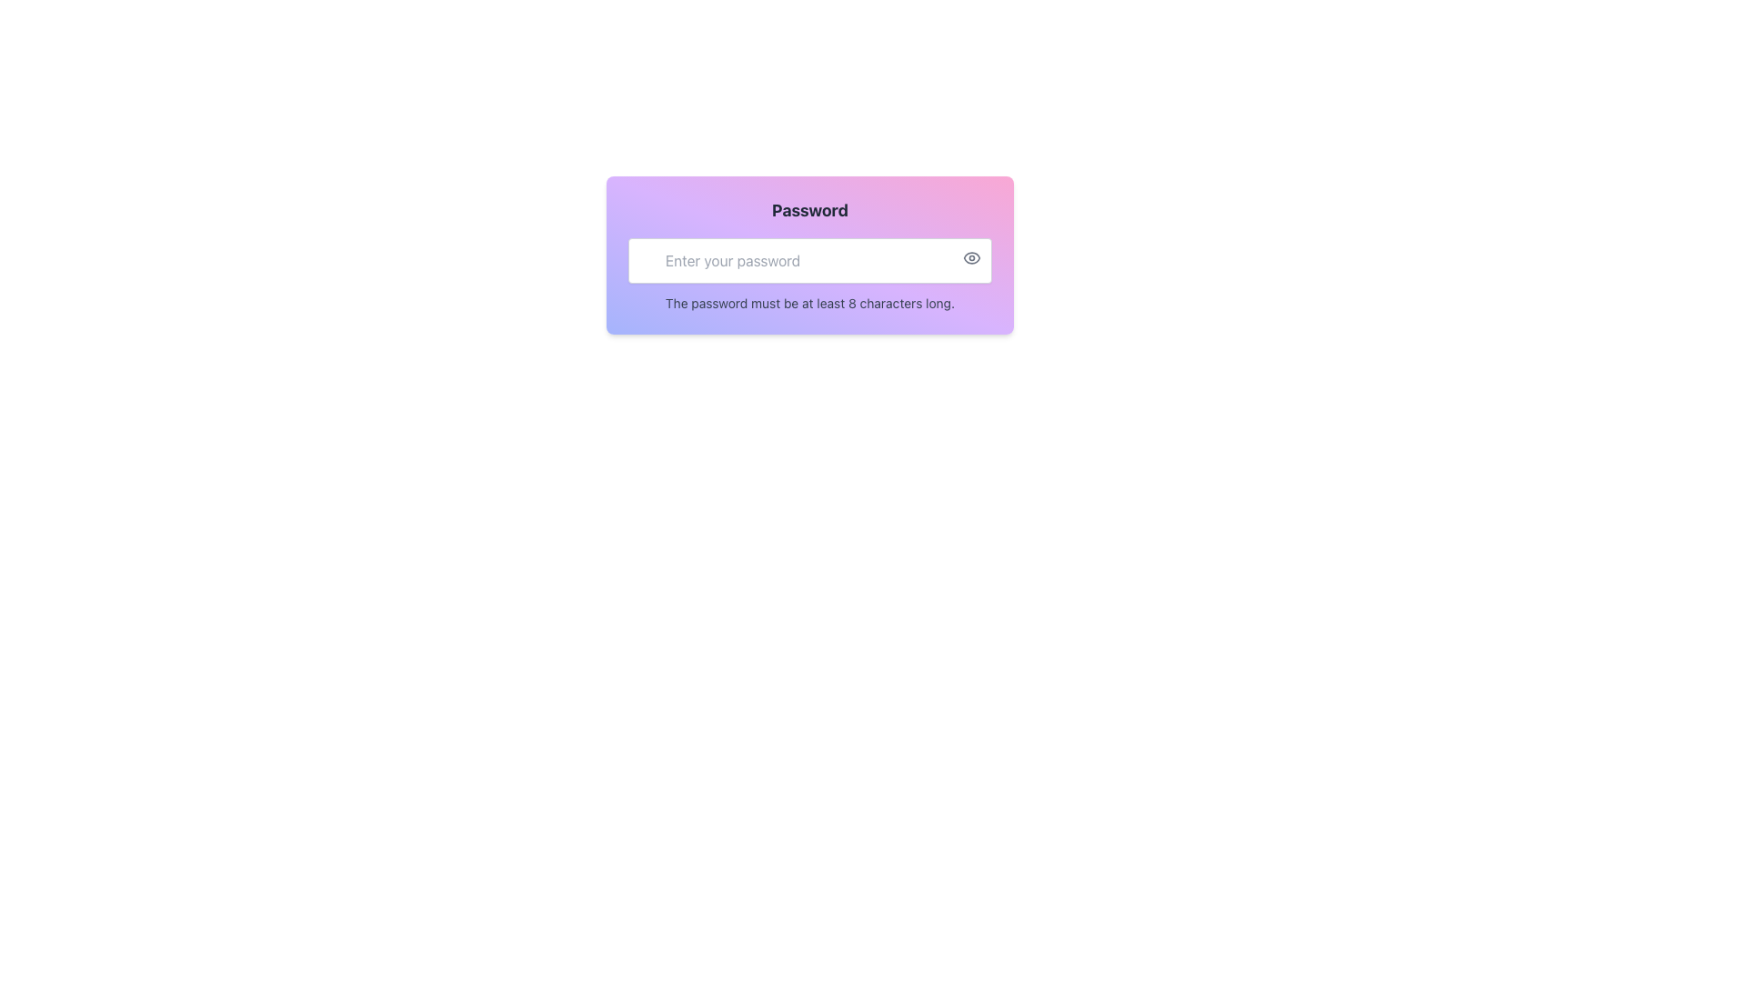  What do you see at coordinates (971, 258) in the screenshot?
I see `the visibility toggle icon located in the top-right corner of the password input field` at bounding box center [971, 258].